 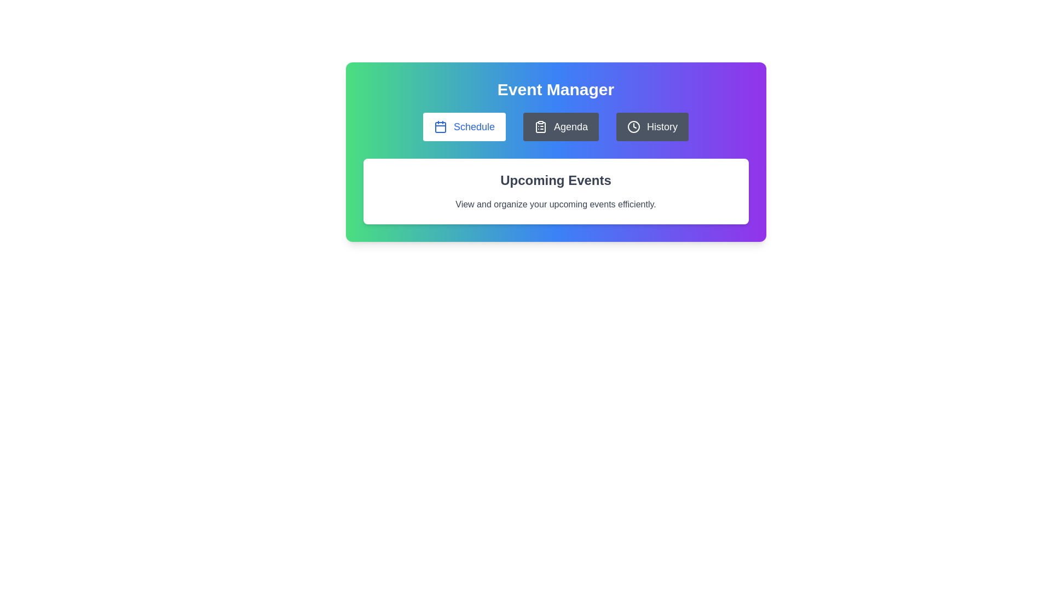 What do you see at coordinates (634, 126) in the screenshot?
I see `the 'History' button which contains a white clock icon on a gray background, located in the navigation bar under the 'Event Manager' header` at bounding box center [634, 126].